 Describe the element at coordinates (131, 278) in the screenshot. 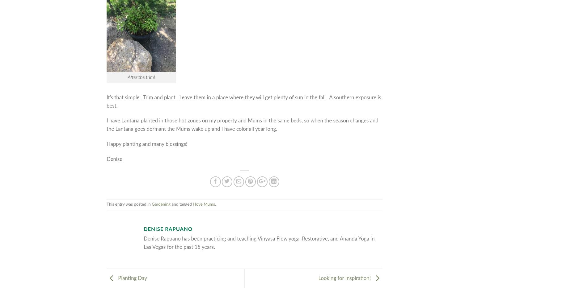

I see `'Planting Day'` at that location.